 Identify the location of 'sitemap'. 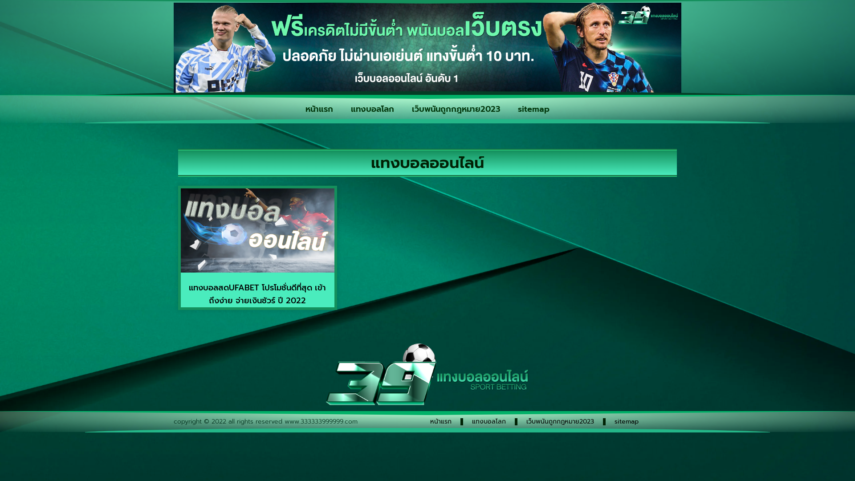
(626, 421).